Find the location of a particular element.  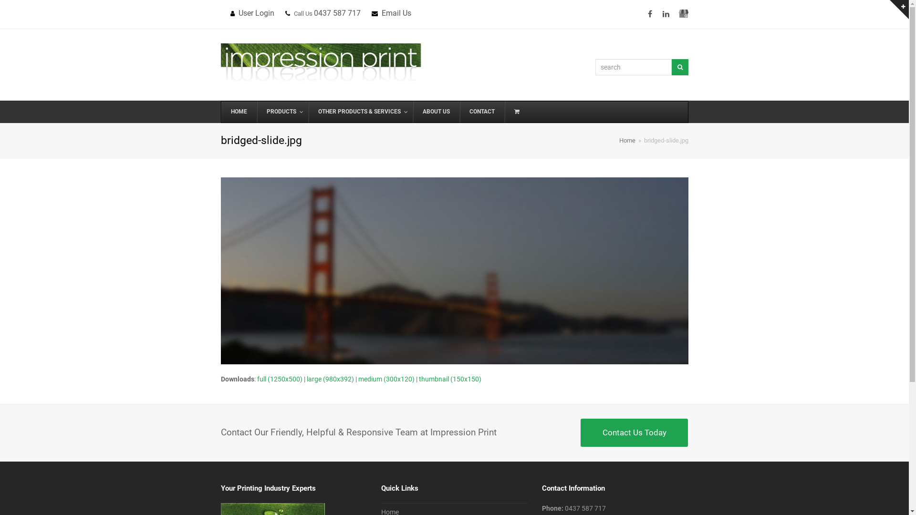

'Home' is located at coordinates (627, 140).